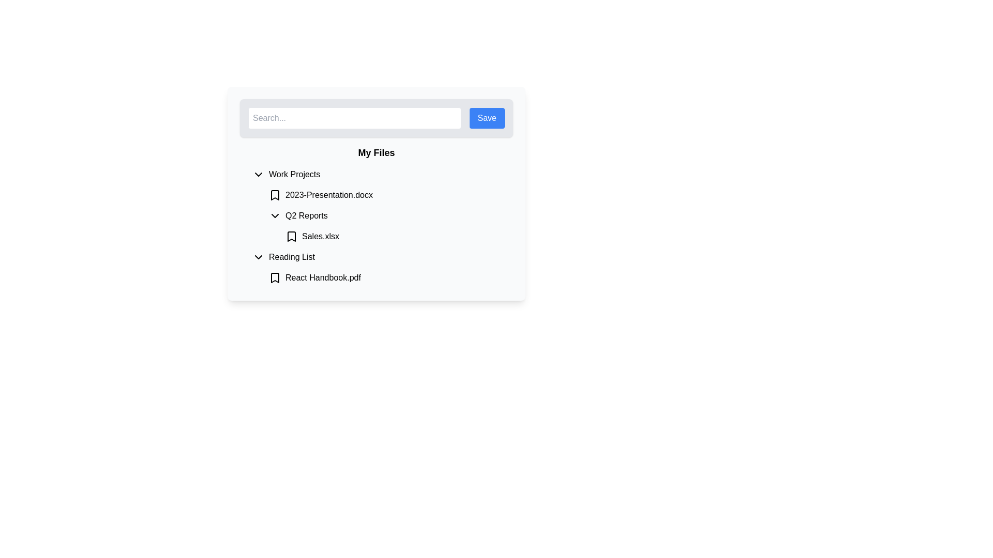  I want to click on the text label displaying 'React Handbook.pdf' in the 'Reading List' section, so click(322, 277).